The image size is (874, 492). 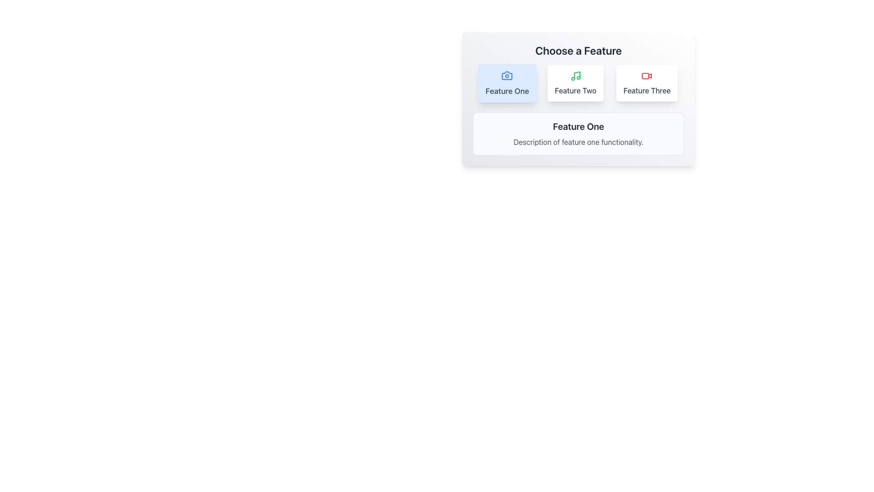 I want to click on the 'Feature Three' selection button, which is the third option in a group of three buttons located towards the top-right, so click(x=646, y=83).